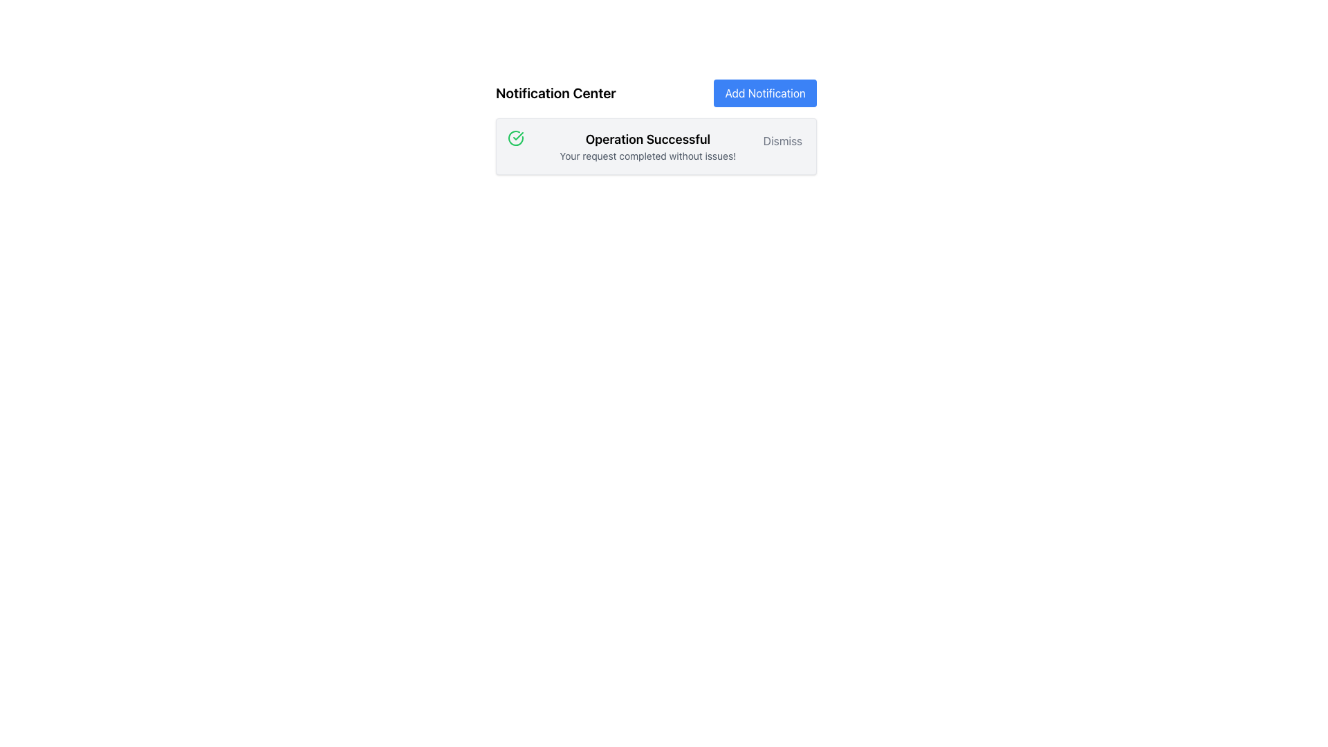 The image size is (1328, 747). I want to click on the dismiss button located in the top-right corner of the notification card following the message 'Operation Successful' to observe the styling change, so click(782, 141).